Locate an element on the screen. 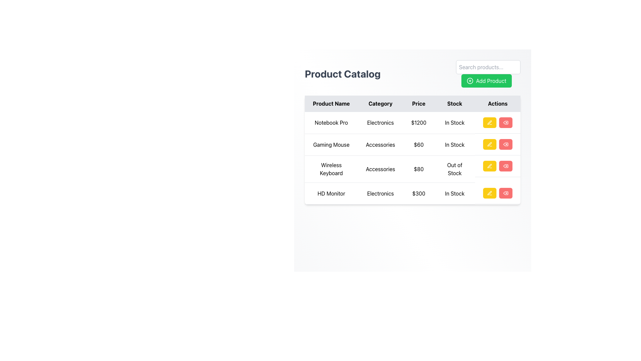  the yellow button with a pen icon located in the Actions column for the HD Monitor product is located at coordinates (498, 193).